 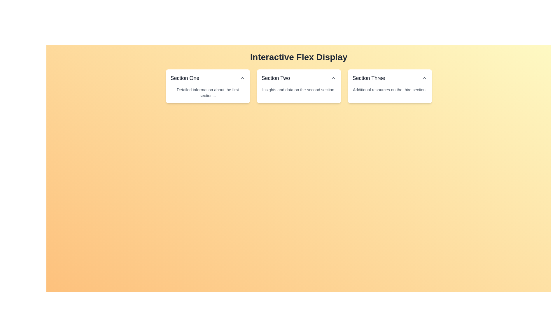 I want to click on the 'Section Two' card component, so click(x=299, y=86).